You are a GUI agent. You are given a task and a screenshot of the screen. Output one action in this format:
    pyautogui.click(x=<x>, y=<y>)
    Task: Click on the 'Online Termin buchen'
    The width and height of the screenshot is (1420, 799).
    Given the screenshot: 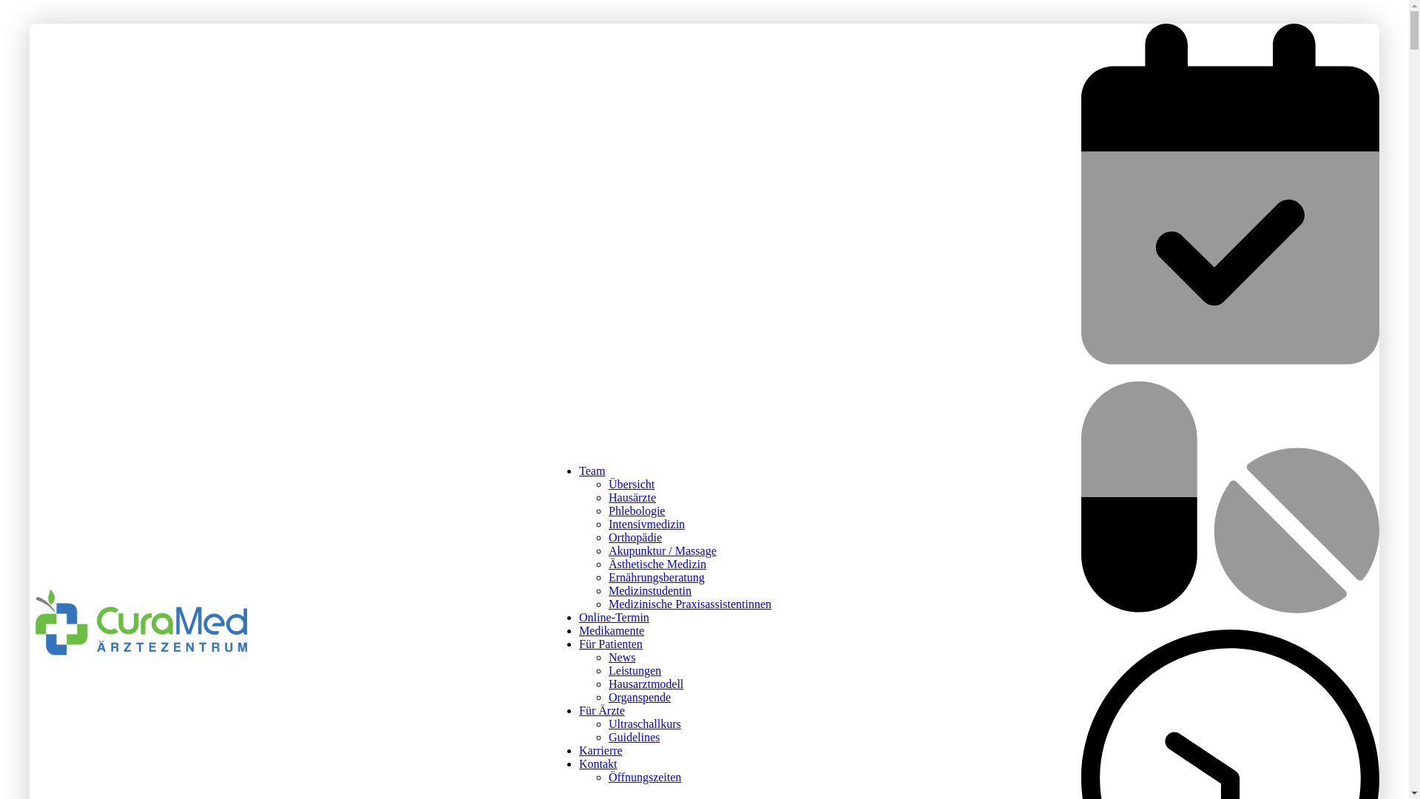 What is the action you would take?
    pyautogui.click(x=1230, y=30)
    